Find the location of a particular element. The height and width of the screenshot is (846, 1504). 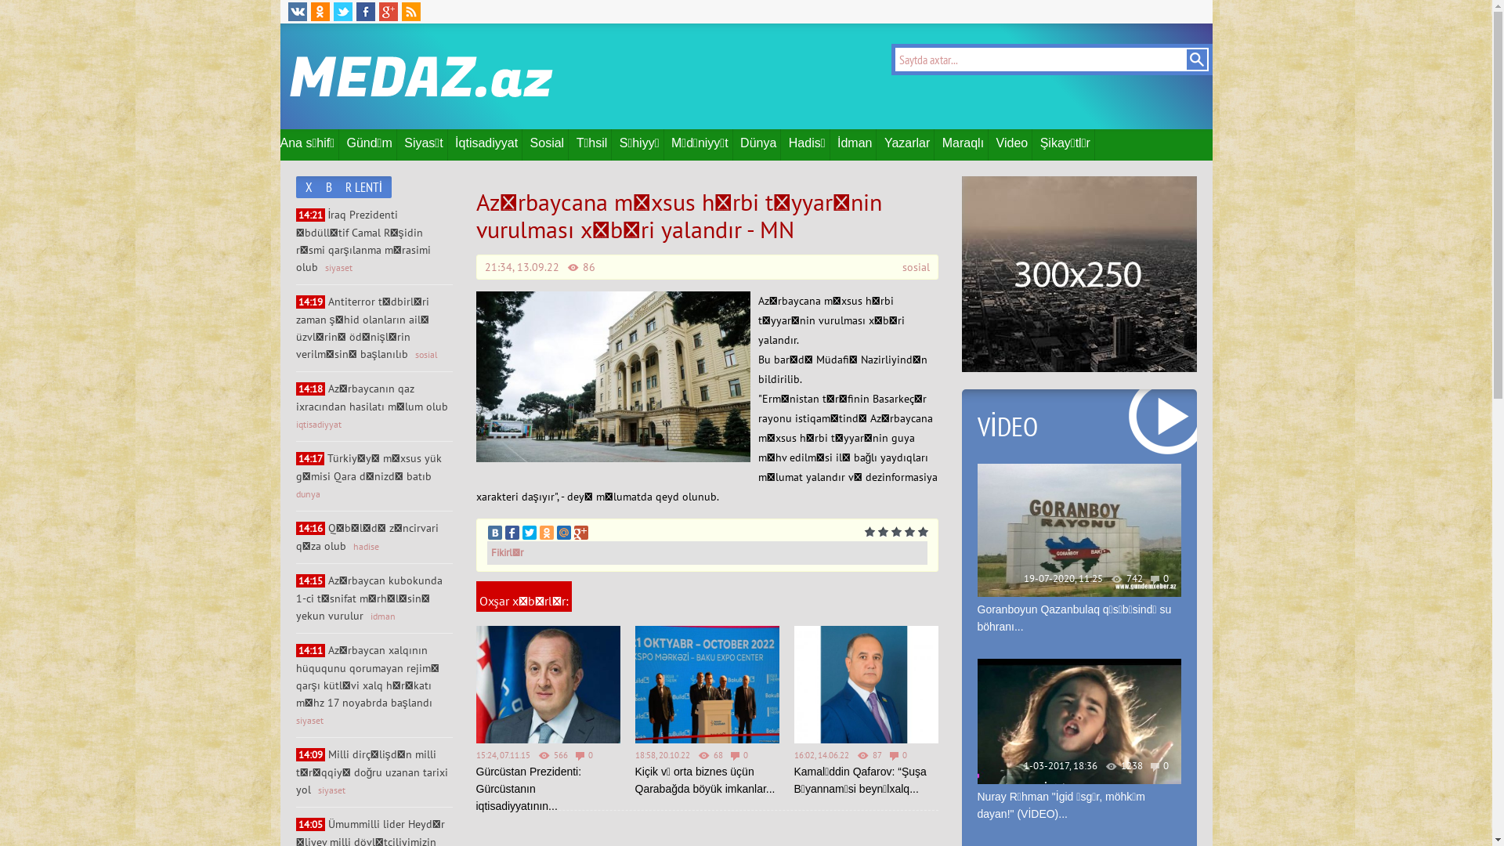

'Yazarlar' is located at coordinates (909, 145).